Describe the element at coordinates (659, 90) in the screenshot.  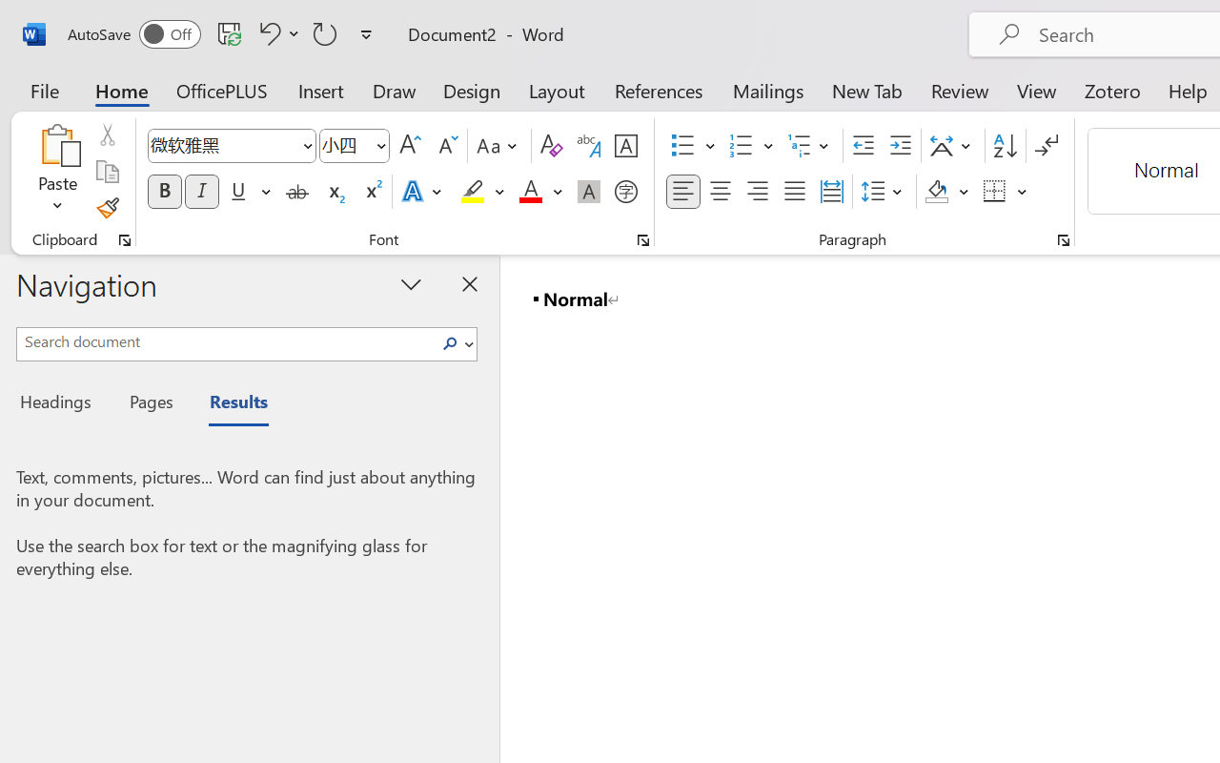
I see `'References'` at that location.